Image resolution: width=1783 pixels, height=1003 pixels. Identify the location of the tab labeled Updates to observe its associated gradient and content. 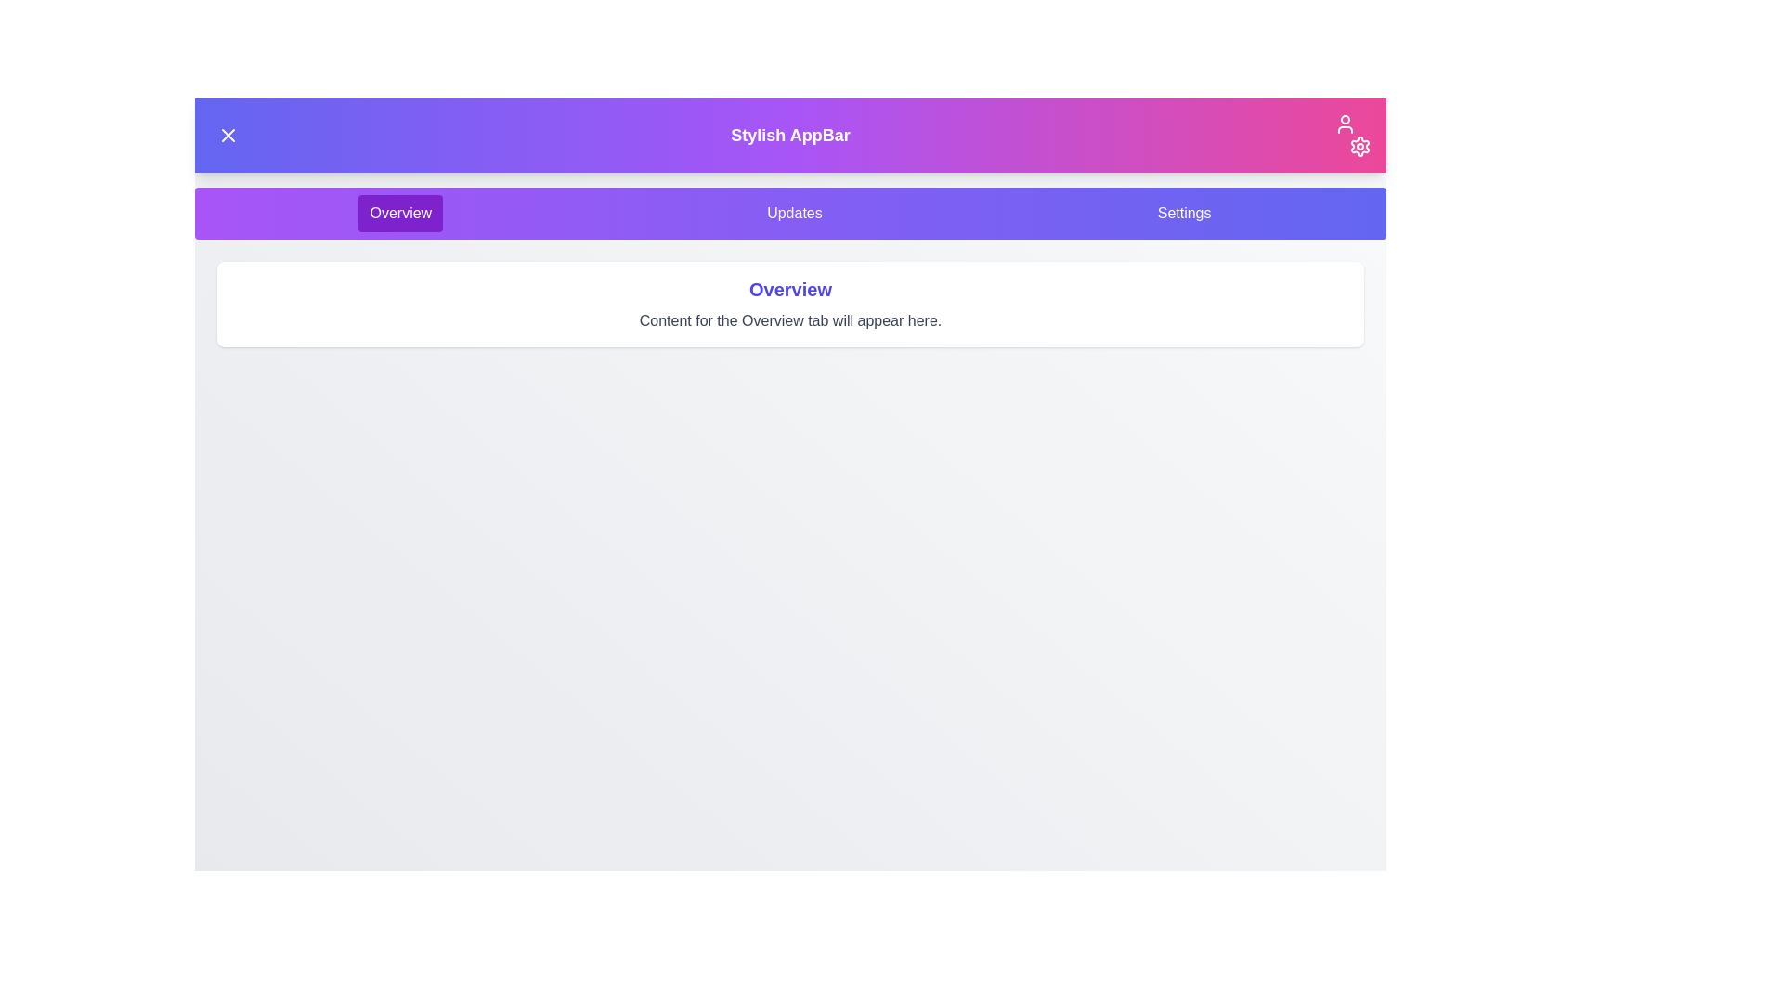
(794, 213).